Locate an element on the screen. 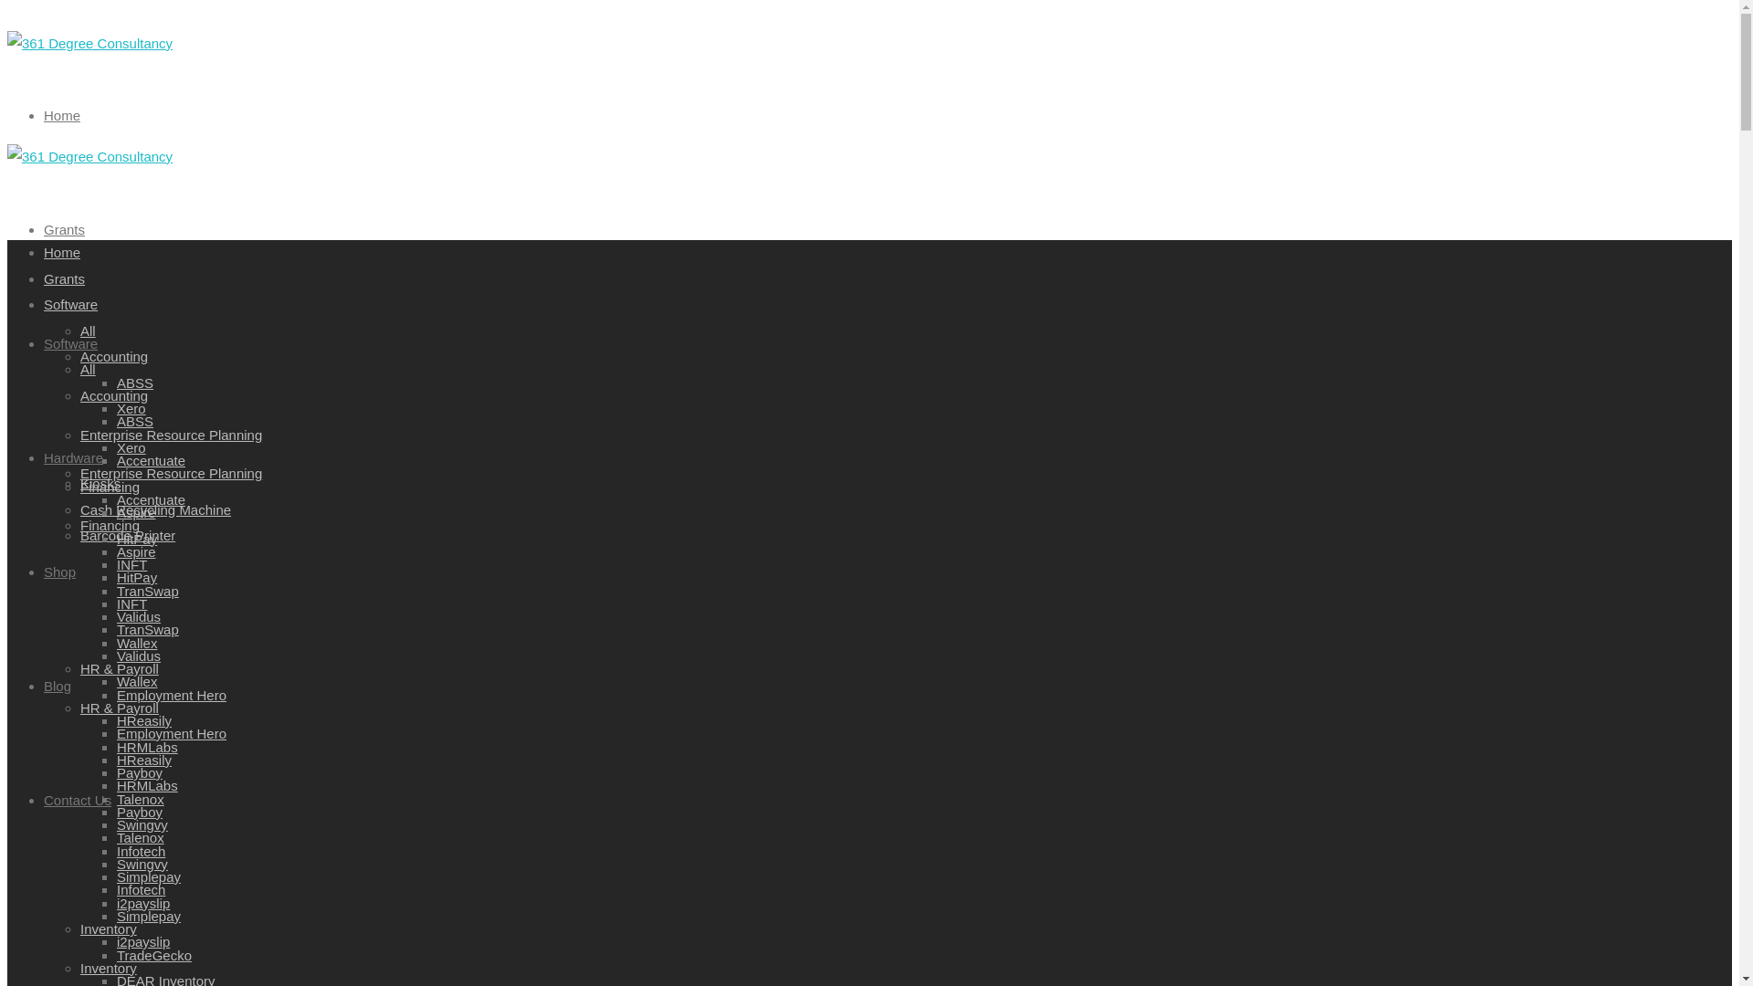 This screenshot has height=986, width=1753. 'Home' is located at coordinates (61, 252).